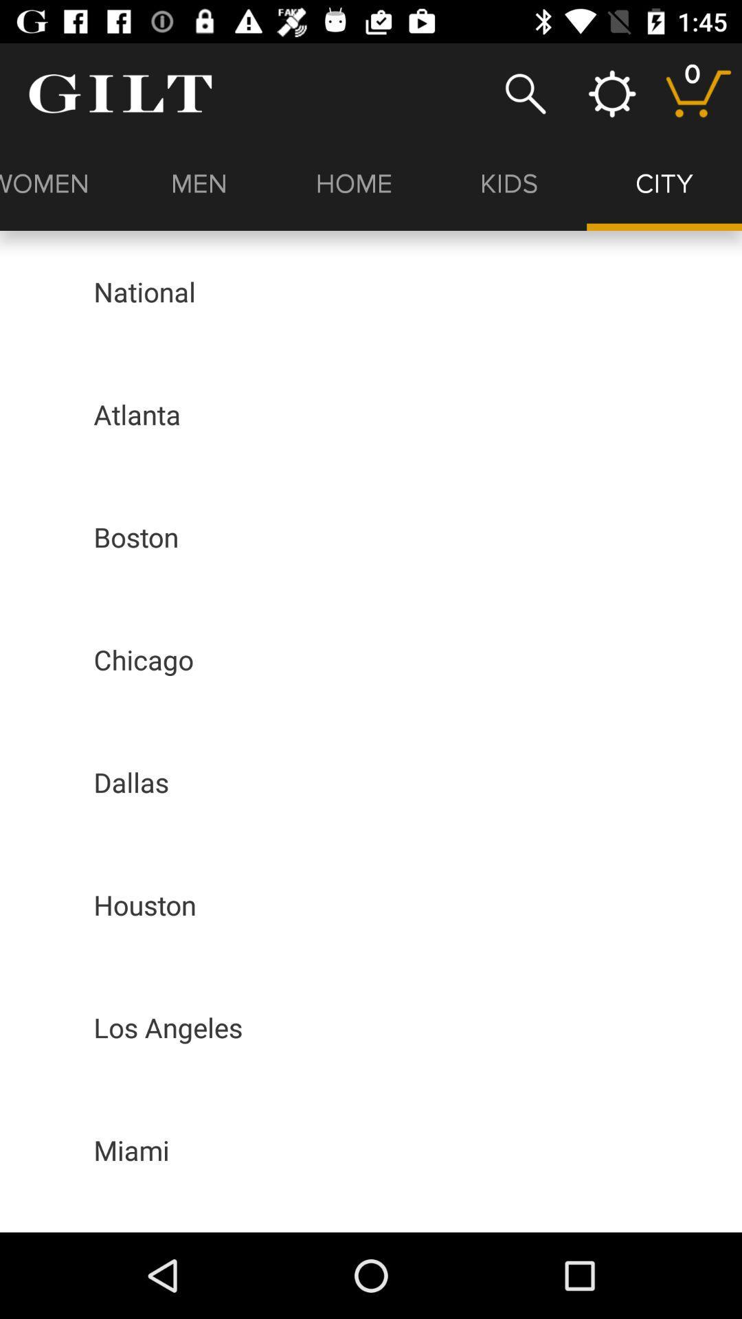 Image resolution: width=742 pixels, height=1319 pixels. What do you see at coordinates (144, 659) in the screenshot?
I see `the icon below boston icon` at bounding box center [144, 659].